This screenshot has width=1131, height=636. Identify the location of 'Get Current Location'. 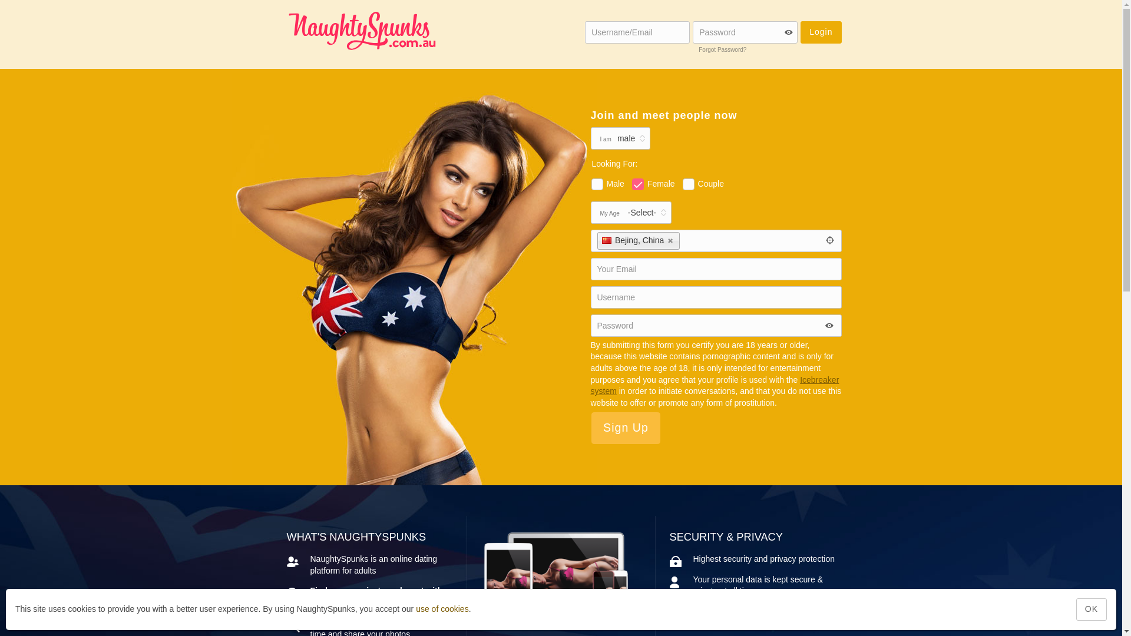
(829, 240).